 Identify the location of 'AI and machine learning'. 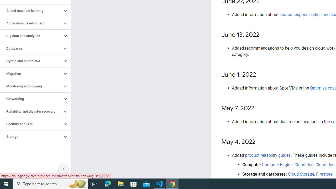
(31, 11).